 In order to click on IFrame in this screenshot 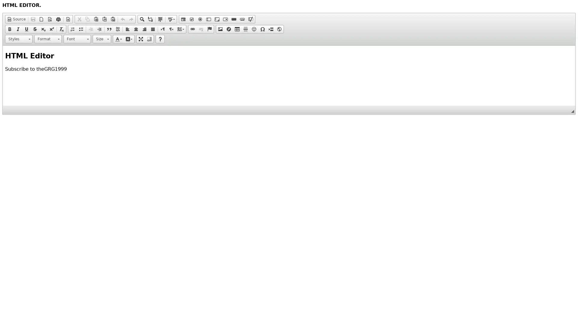, I will do `click(279, 29)`.